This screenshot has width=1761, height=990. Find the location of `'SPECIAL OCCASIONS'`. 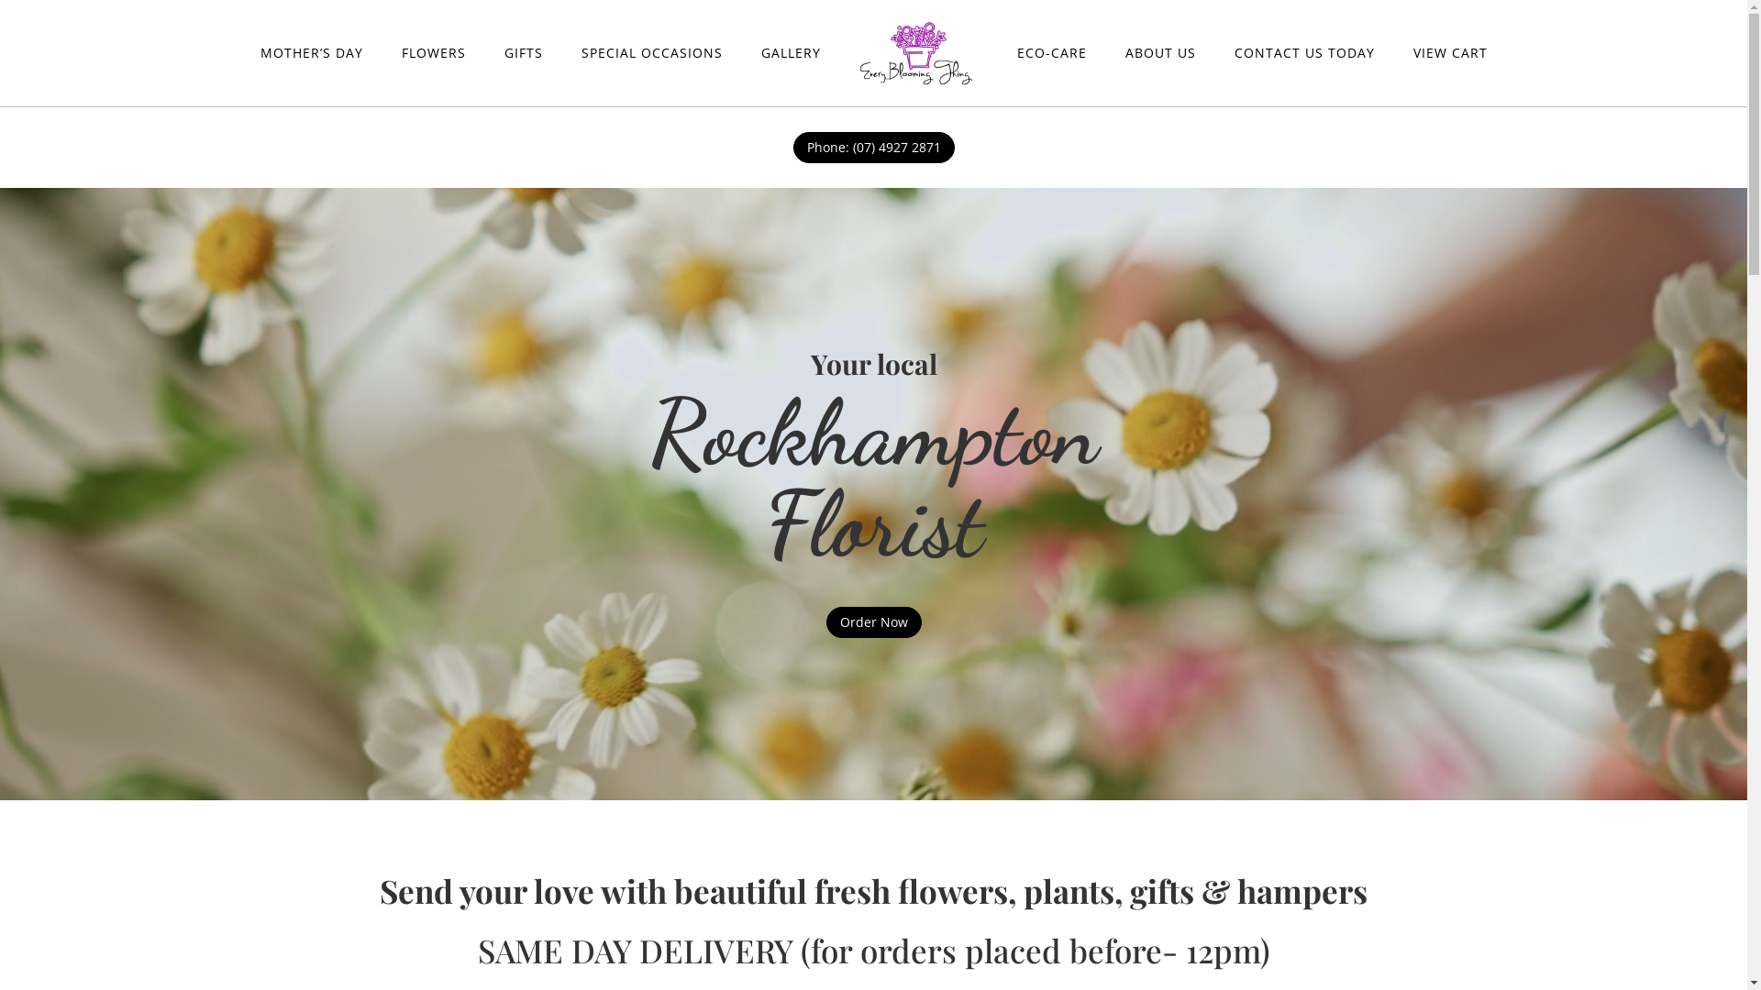

'SPECIAL OCCASIONS' is located at coordinates (651, 51).